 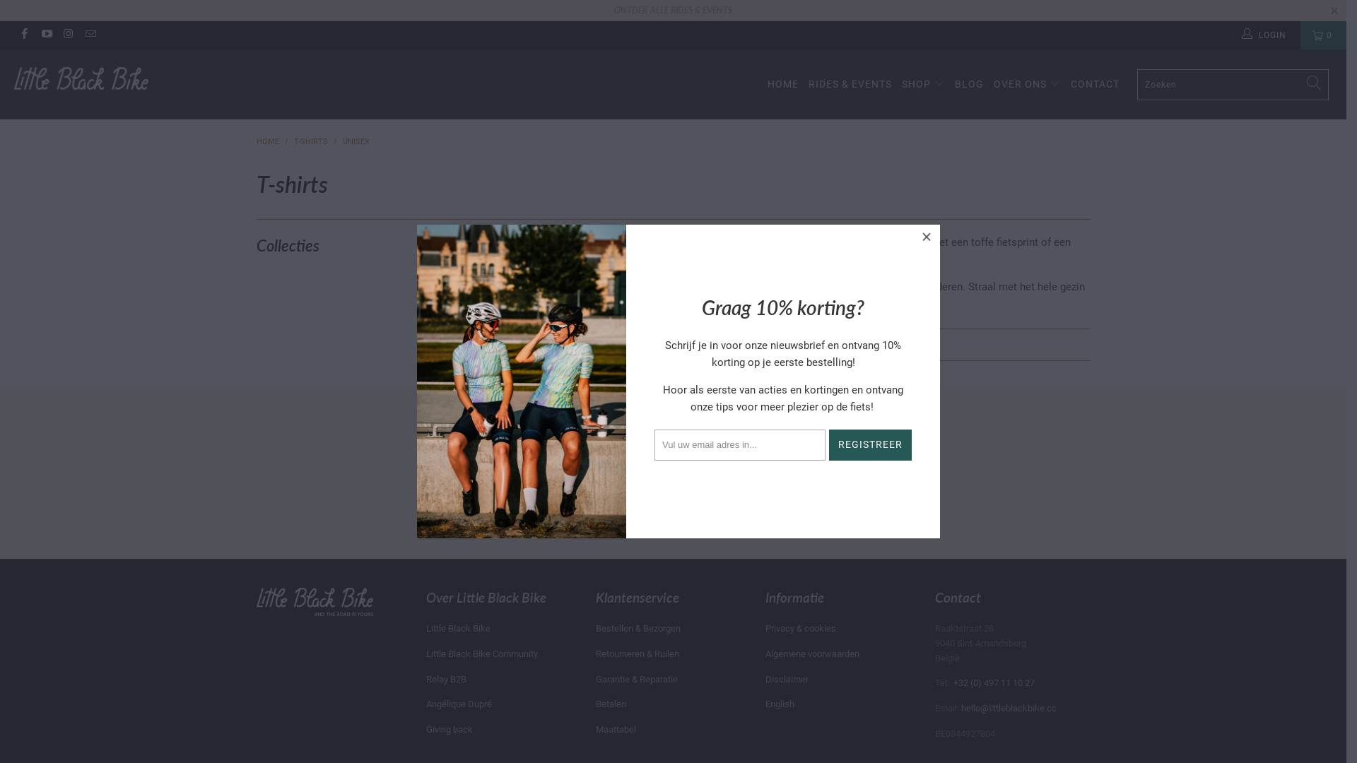 What do you see at coordinates (445, 678) in the screenshot?
I see `'Relay B2B'` at bounding box center [445, 678].